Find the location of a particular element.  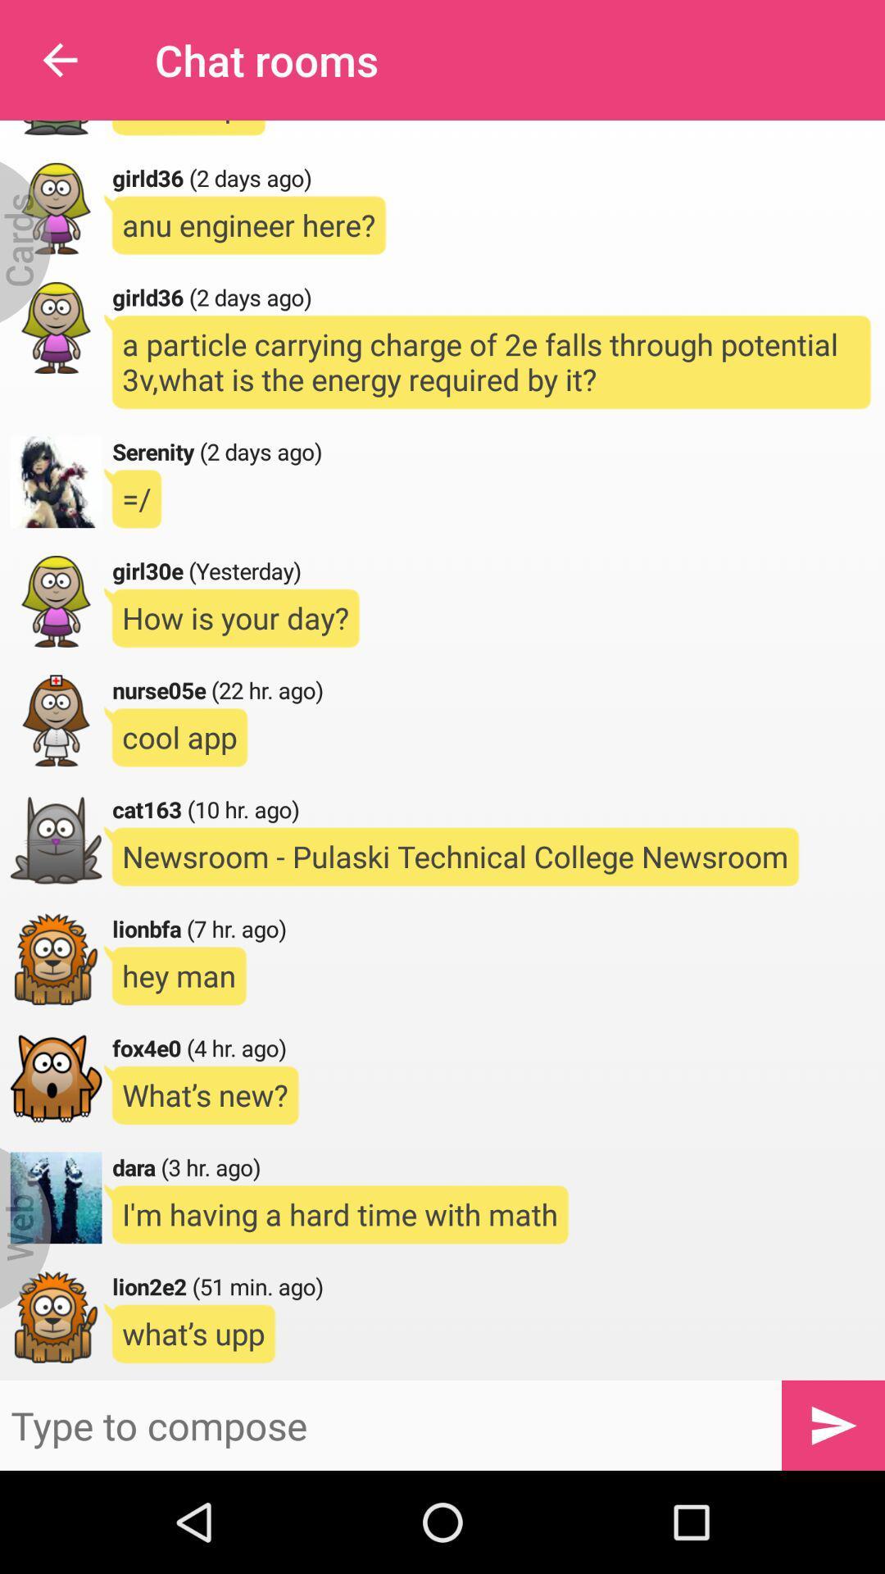

the send icon is located at coordinates (833, 1424).